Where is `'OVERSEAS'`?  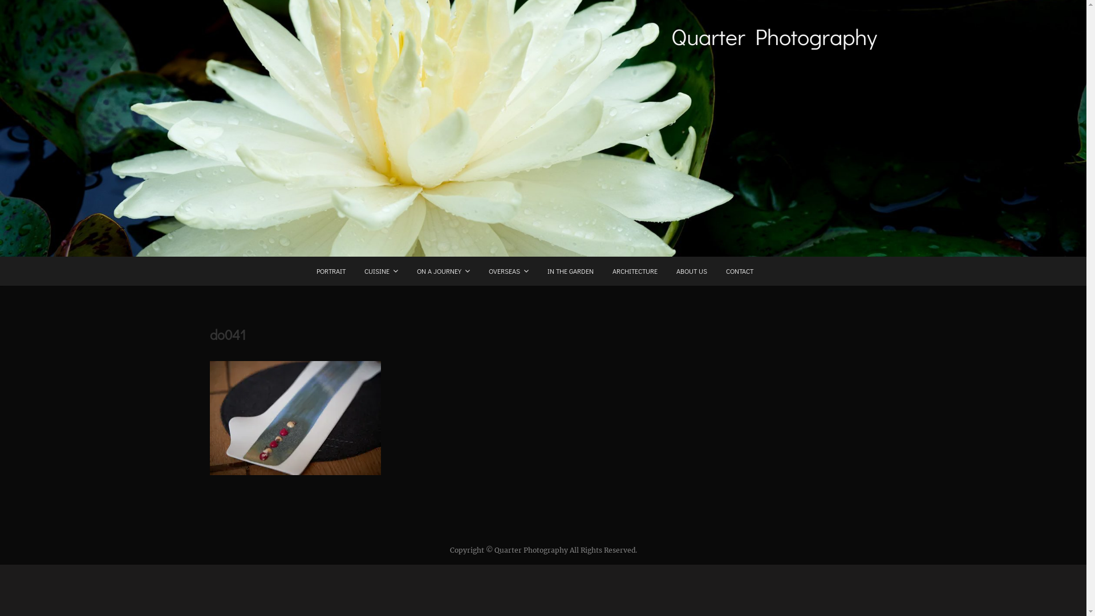
'OVERSEAS' is located at coordinates (480, 271).